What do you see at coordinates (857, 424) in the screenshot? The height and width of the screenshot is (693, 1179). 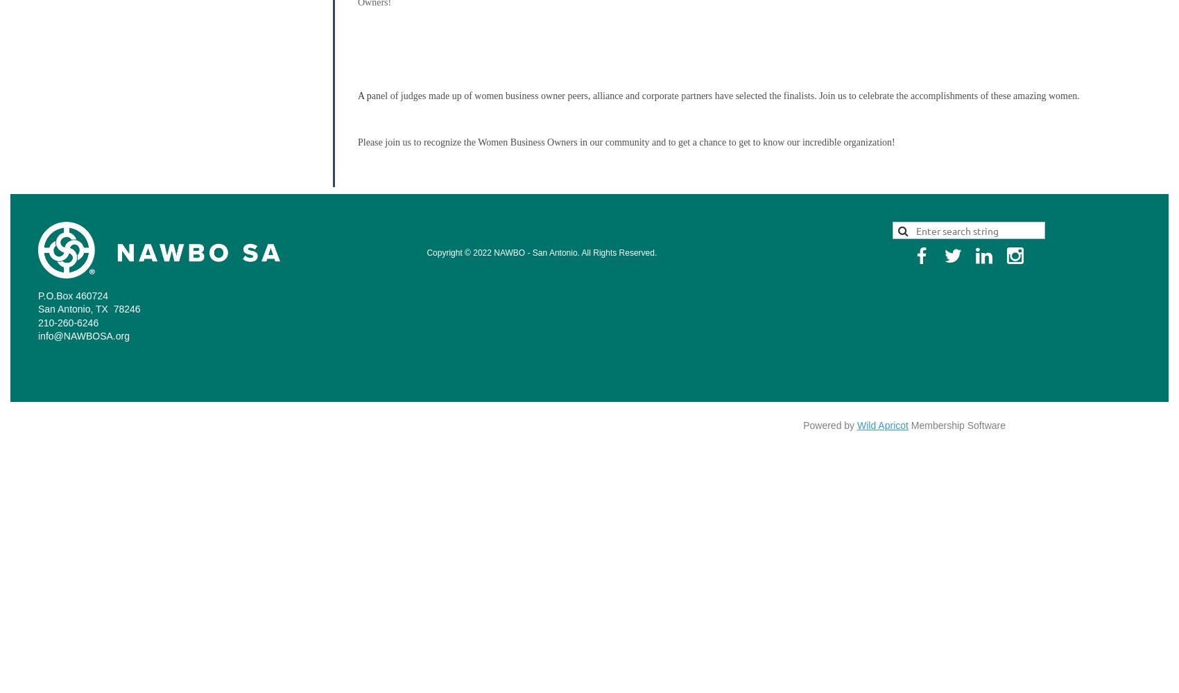 I see `'Wild Apricot'` at bounding box center [857, 424].